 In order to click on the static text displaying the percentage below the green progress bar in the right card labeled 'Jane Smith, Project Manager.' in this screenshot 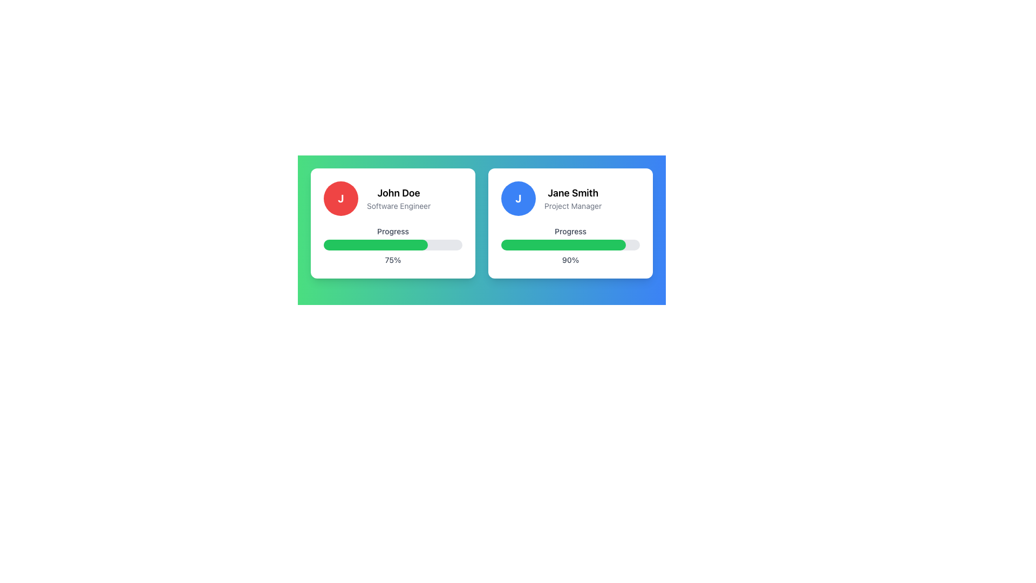, I will do `click(570, 260)`.